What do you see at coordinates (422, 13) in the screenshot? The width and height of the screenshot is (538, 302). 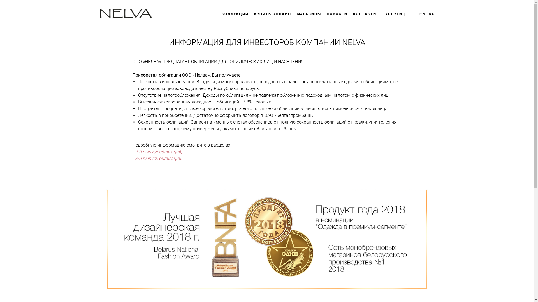 I see `'EN'` at bounding box center [422, 13].